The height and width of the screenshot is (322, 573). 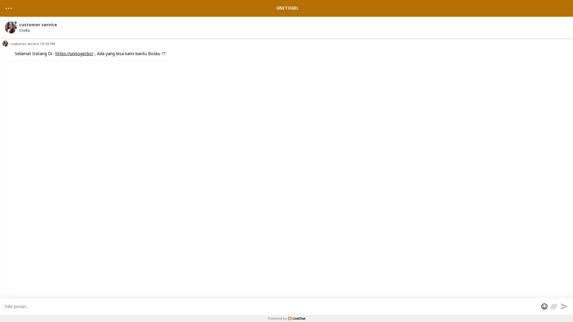 I want to click on customer service, so click(x=287, y=26).